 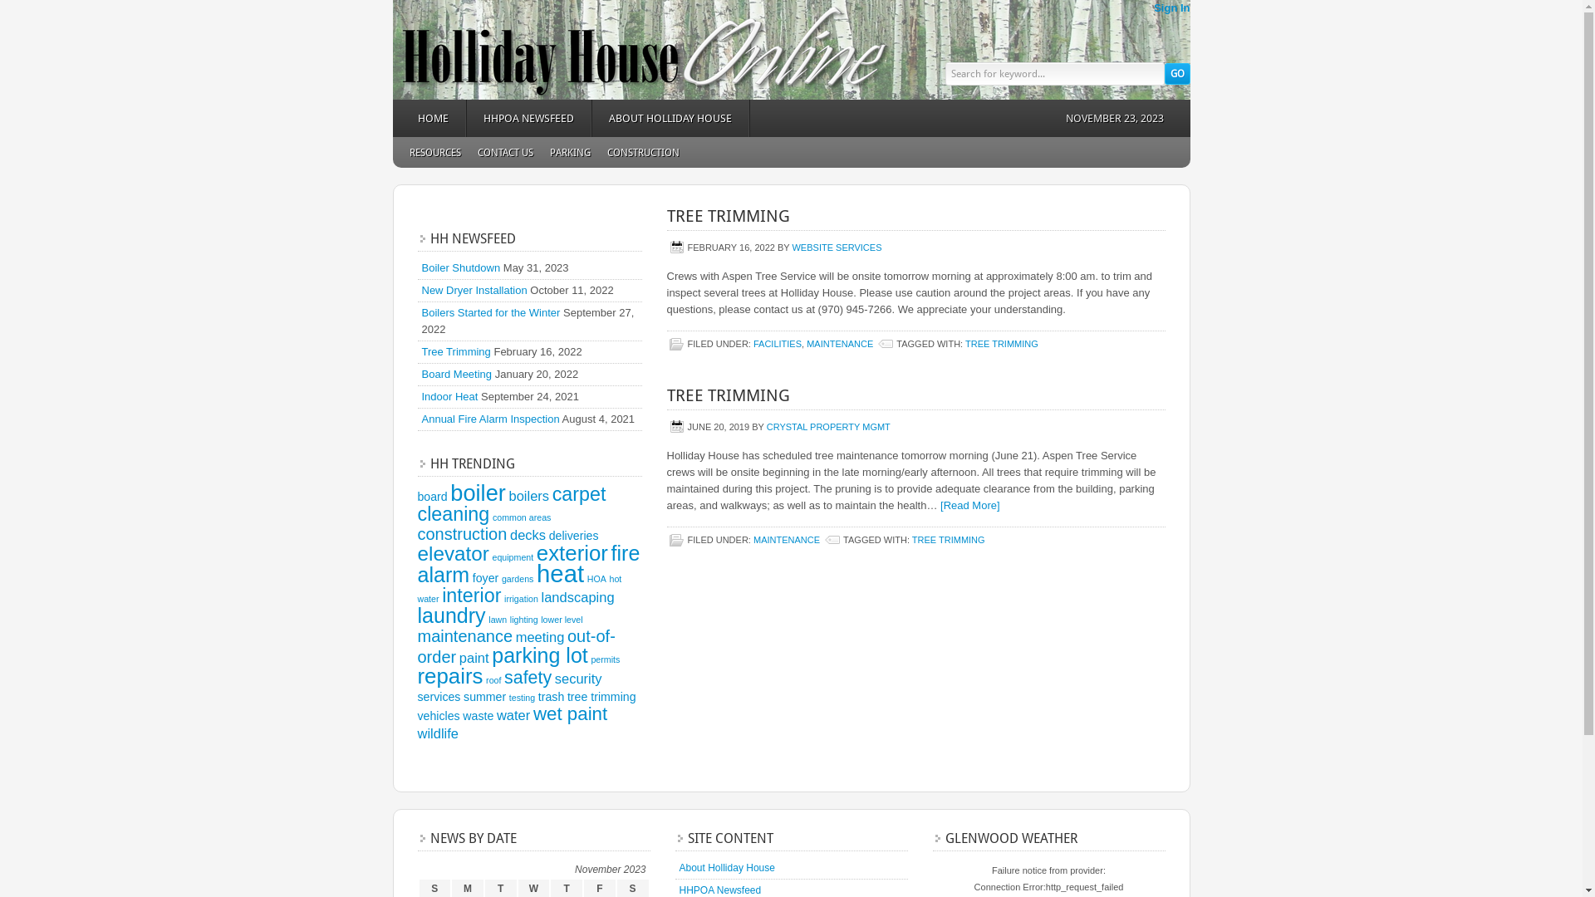 What do you see at coordinates (477, 492) in the screenshot?
I see `'boiler'` at bounding box center [477, 492].